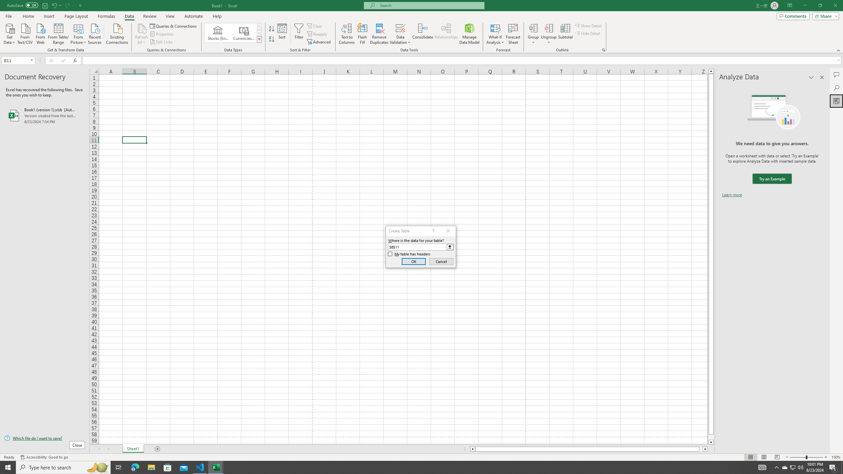 Image resolution: width=843 pixels, height=474 pixels. Describe the element at coordinates (271, 29) in the screenshot. I see `'Sort A to Z'` at that location.